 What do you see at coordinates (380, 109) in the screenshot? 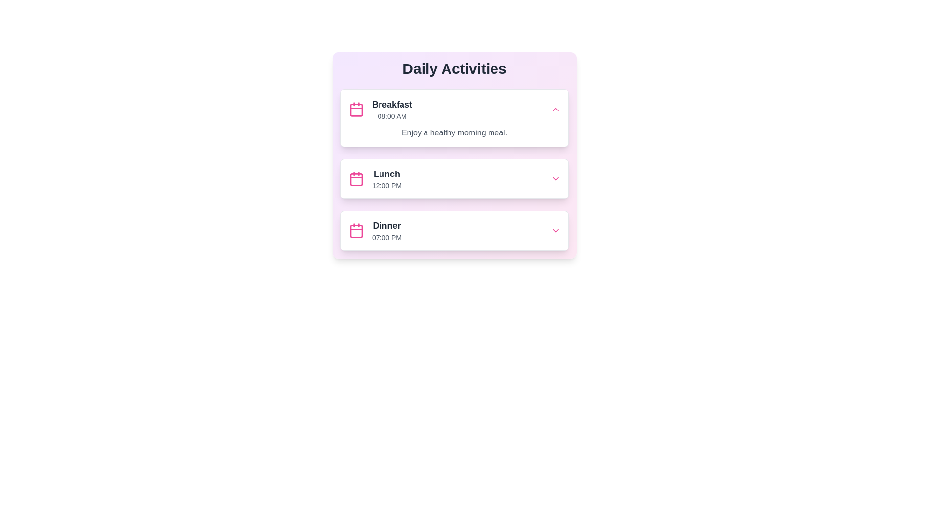
I see `the 'Breakfast' list item with the pink calendar icon` at bounding box center [380, 109].